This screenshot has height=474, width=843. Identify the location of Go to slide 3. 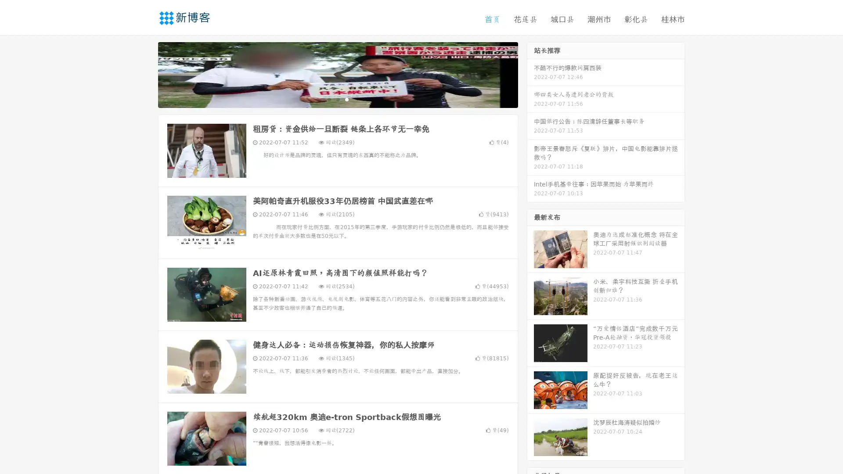
(346, 99).